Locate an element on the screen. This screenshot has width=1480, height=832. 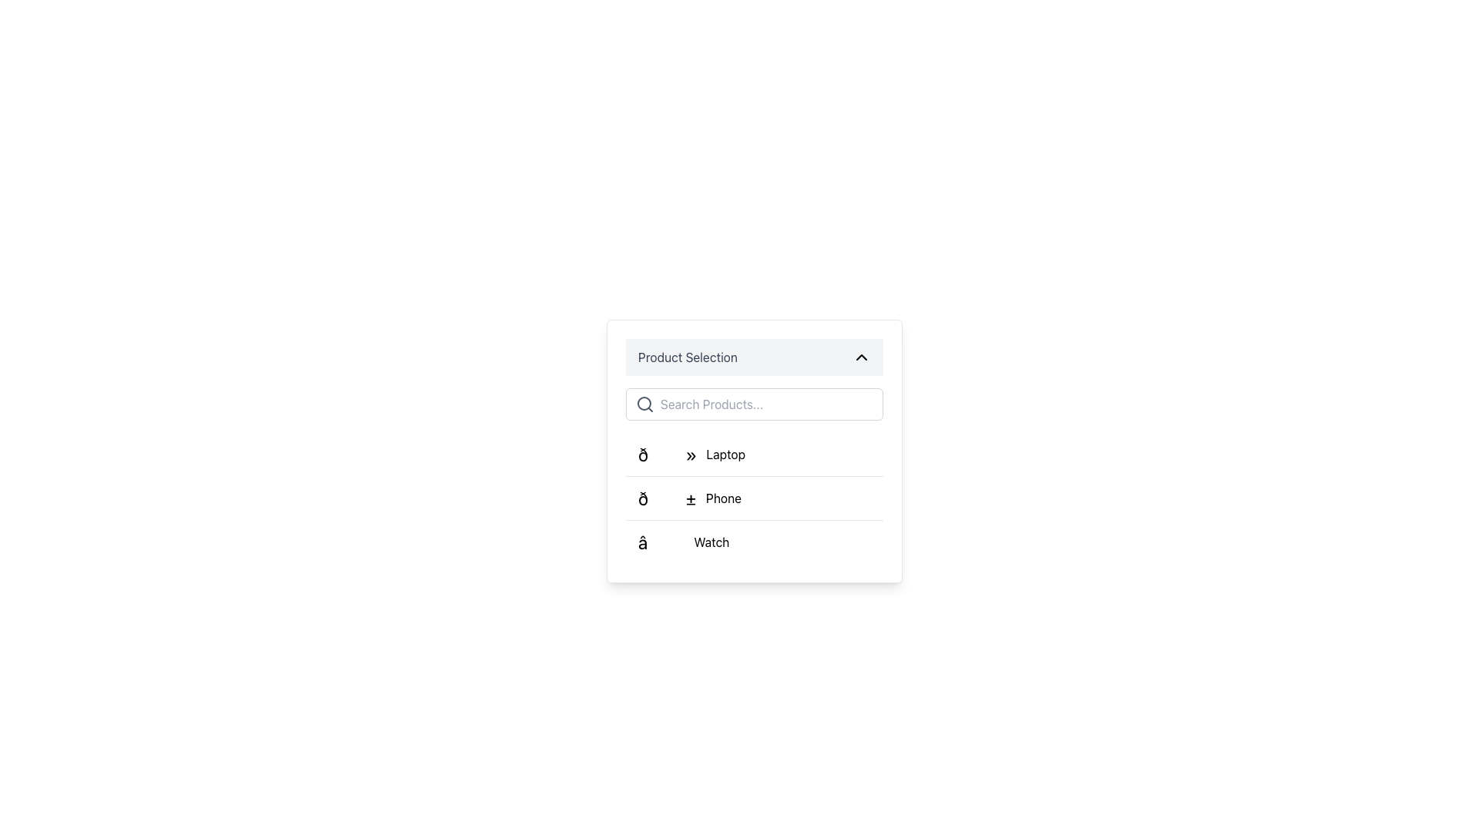
the 'Phone' text label, which is displayed in black on a white background, positioned to the right of an emoji-like icon and between 'Laptop' and 'Watch' options is located at coordinates (722, 498).